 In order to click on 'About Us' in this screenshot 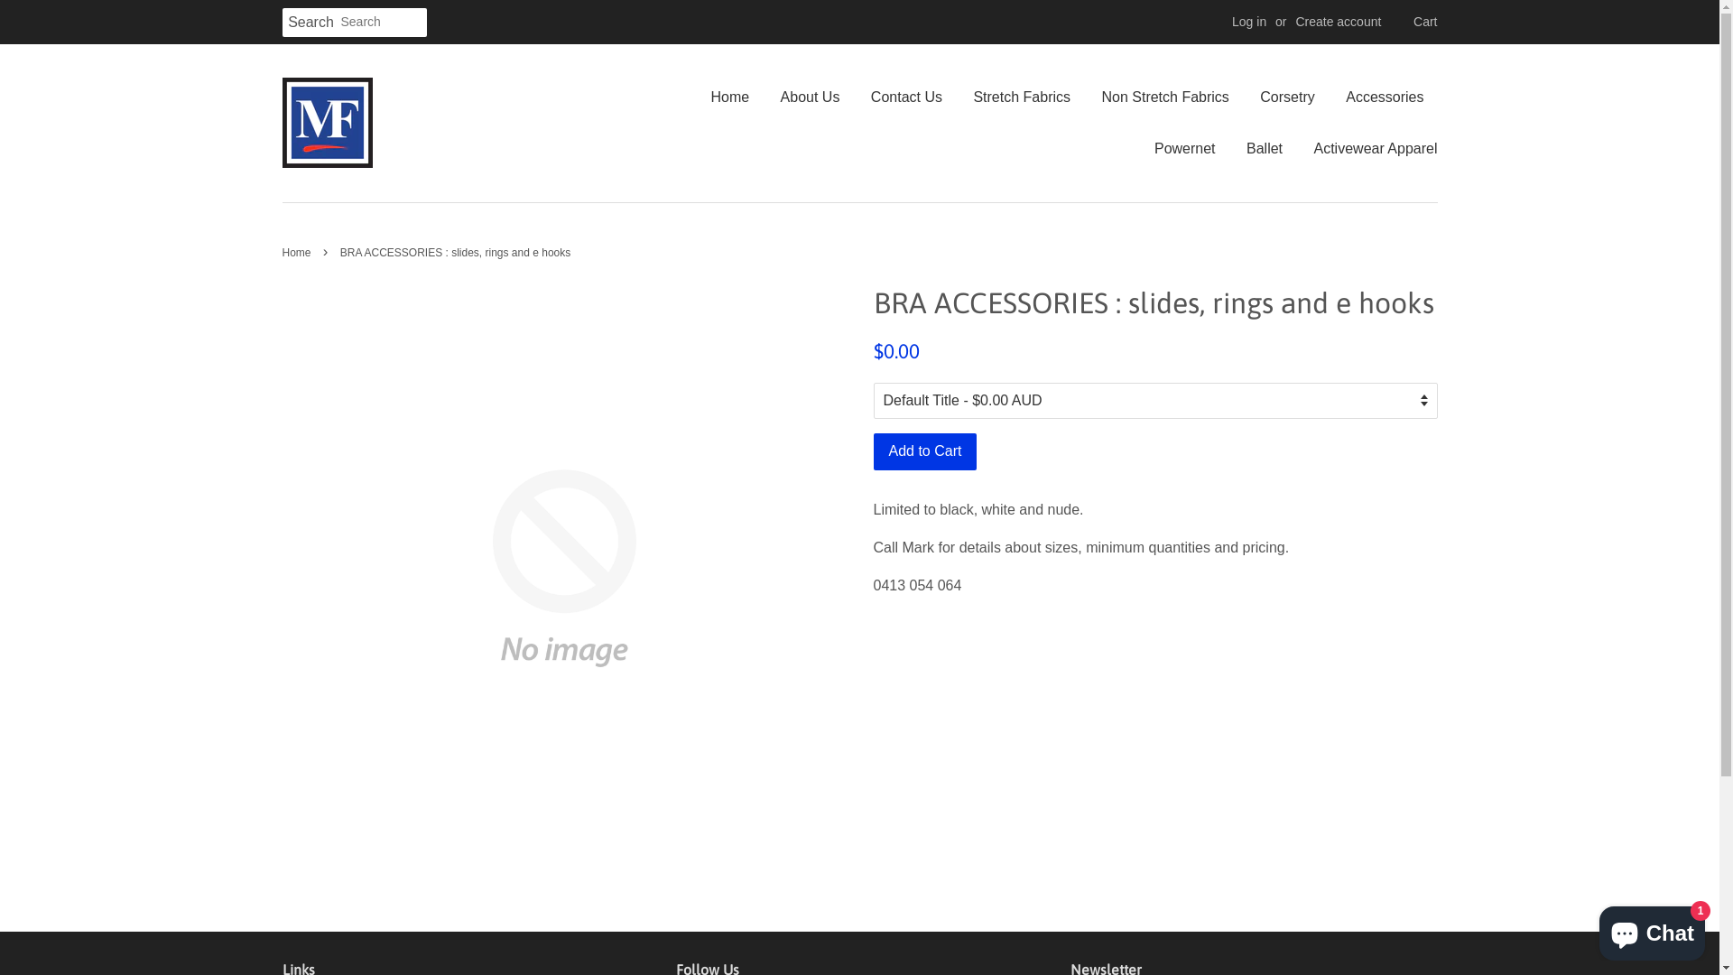, I will do `click(809, 97)`.